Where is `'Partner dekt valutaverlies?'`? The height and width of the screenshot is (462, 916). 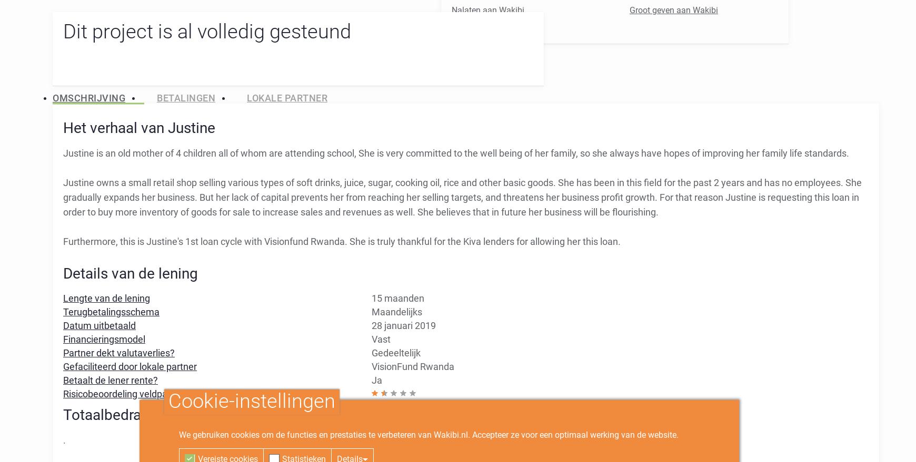 'Partner dekt valutaverlies?' is located at coordinates (119, 352).